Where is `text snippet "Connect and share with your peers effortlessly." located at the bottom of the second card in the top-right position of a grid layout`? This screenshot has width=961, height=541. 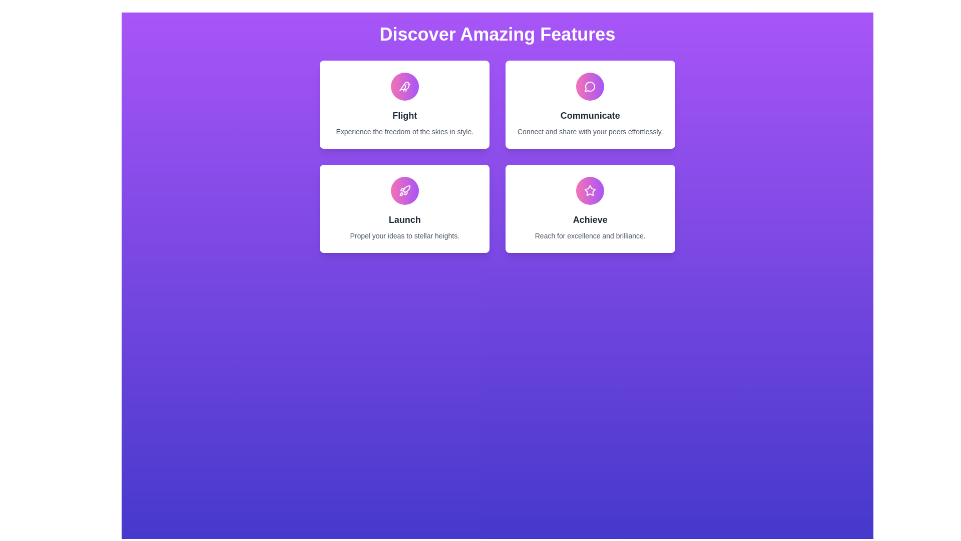
text snippet "Connect and share with your peers effortlessly." located at the bottom of the second card in the top-right position of a grid layout is located at coordinates (590, 131).